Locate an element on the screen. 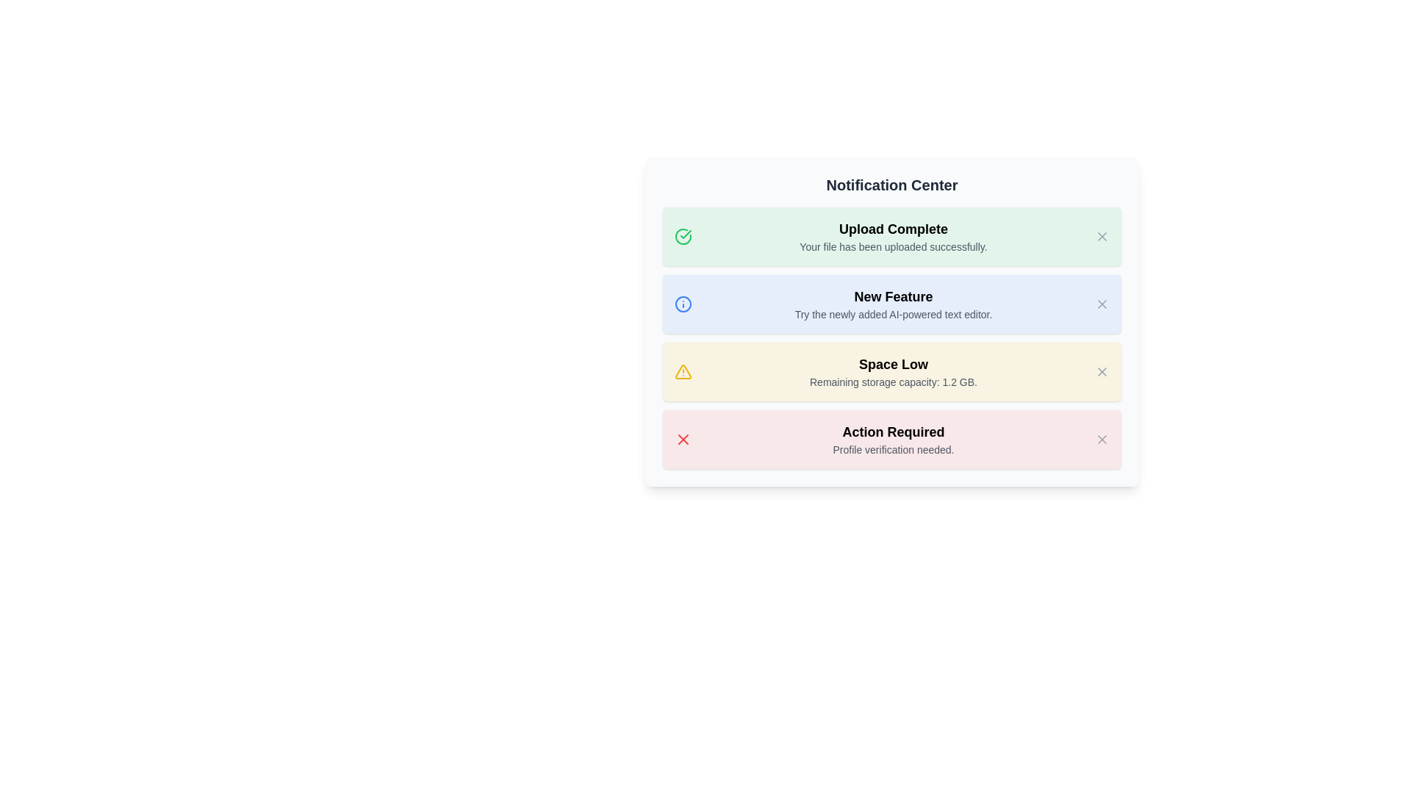  the button located in the top-right corner of the 'Action Required' notification is located at coordinates (1102, 438).